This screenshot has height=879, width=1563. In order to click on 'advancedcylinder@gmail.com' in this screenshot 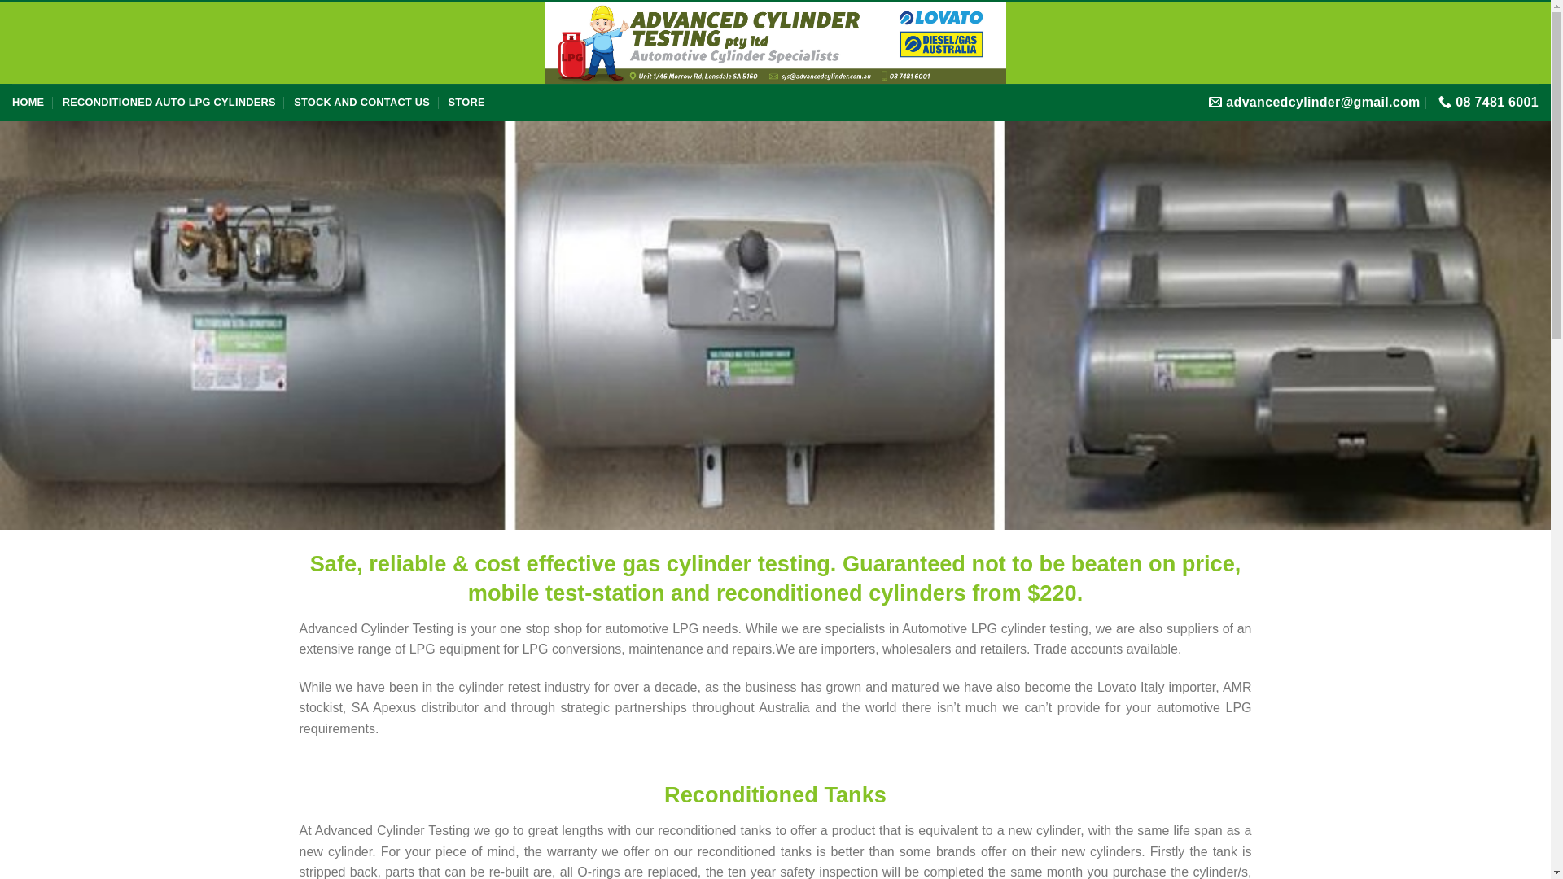, I will do `click(1314, 103)`.